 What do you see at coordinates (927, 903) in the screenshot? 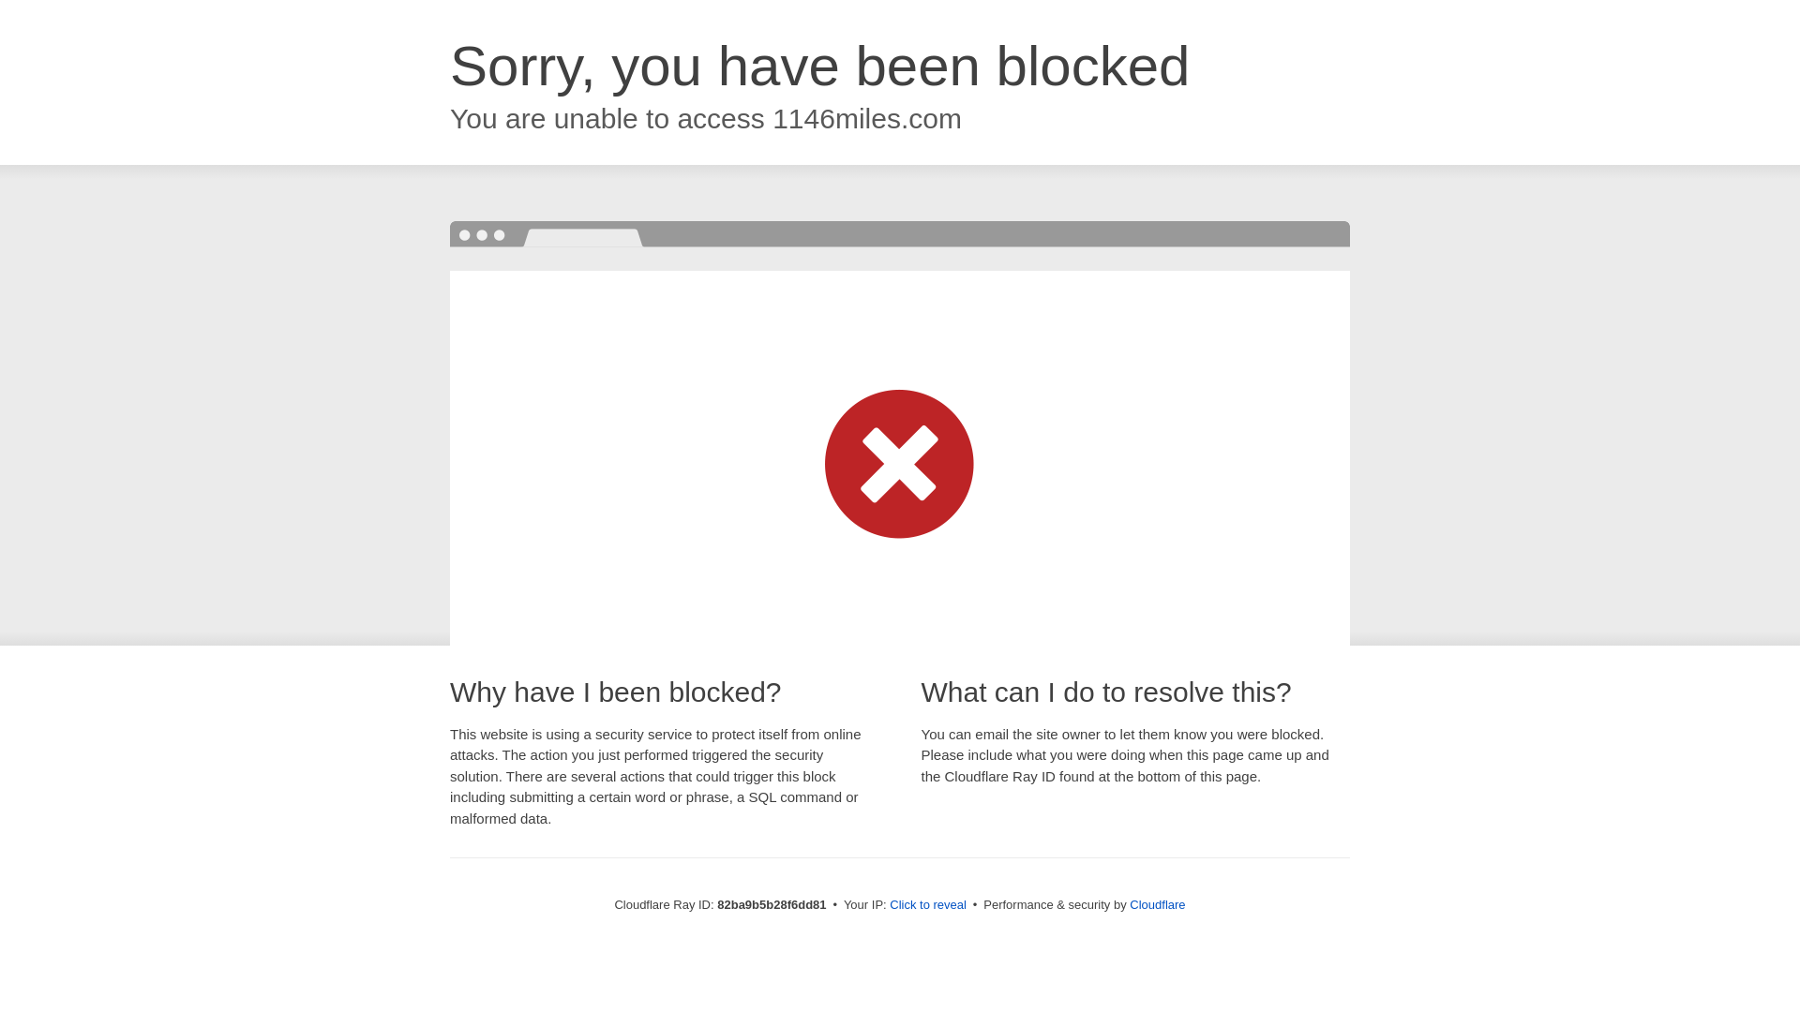
I see `'Click to reveal'` at bounding box center [927, 903].